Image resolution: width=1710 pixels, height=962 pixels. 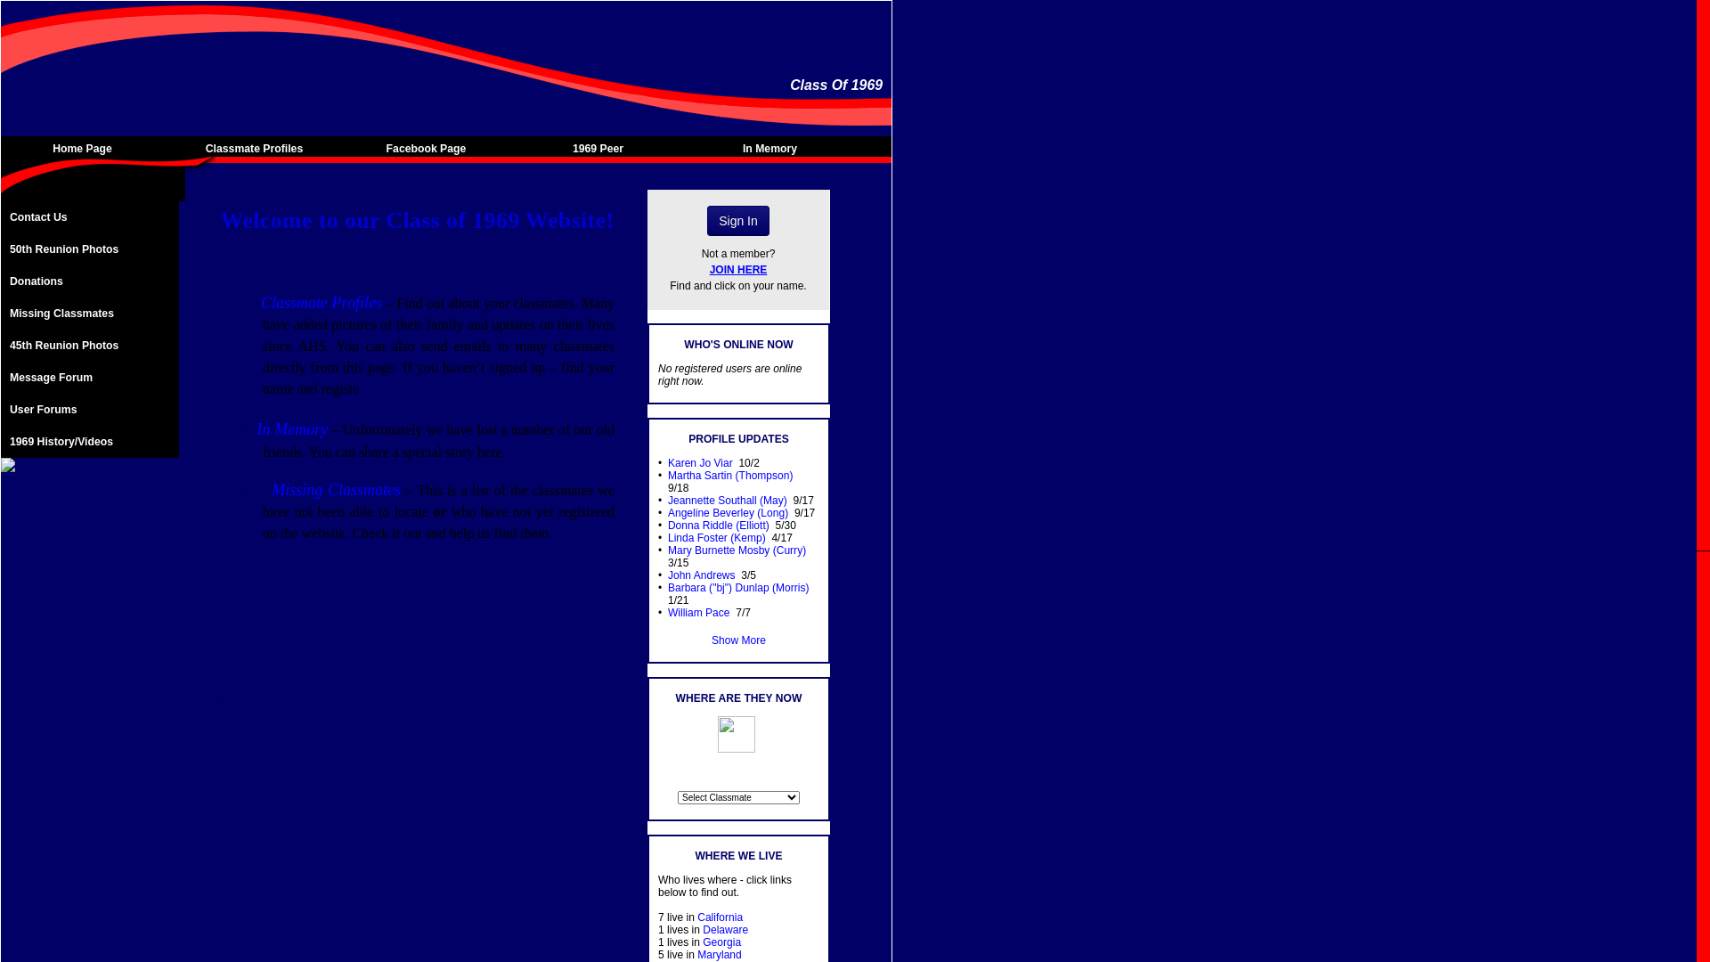 What do you see at coordinates (88, 312) in the screenshot?
I see `'Missing Classmates'` at bounding box center [88, 312].